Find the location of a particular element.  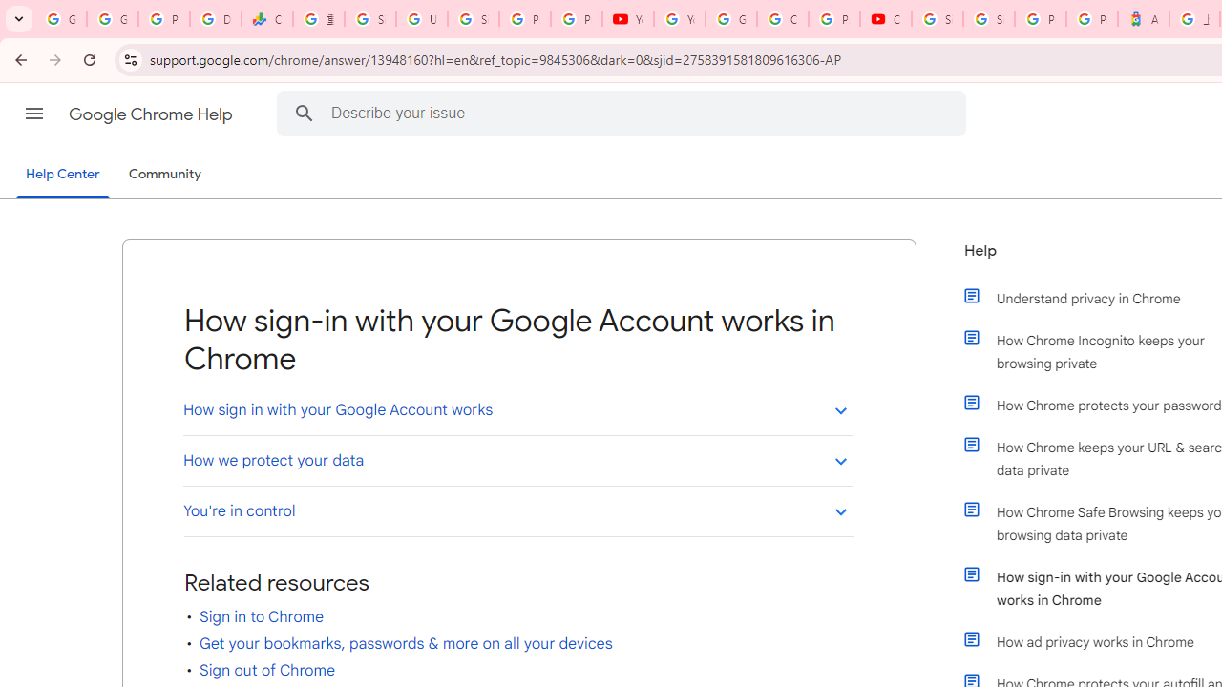

'Currencies - Google Finance' is located at coordinates (266, 19).